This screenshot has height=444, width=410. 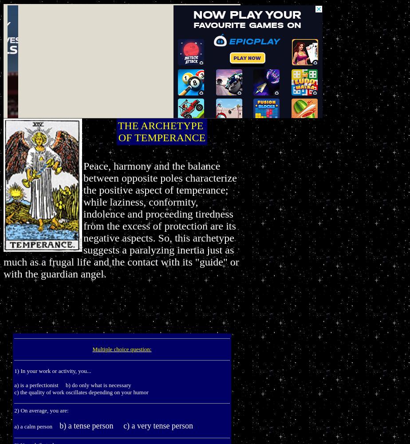 I want to click on 'OF TEMPERANCE', so click(x=162, y=138).